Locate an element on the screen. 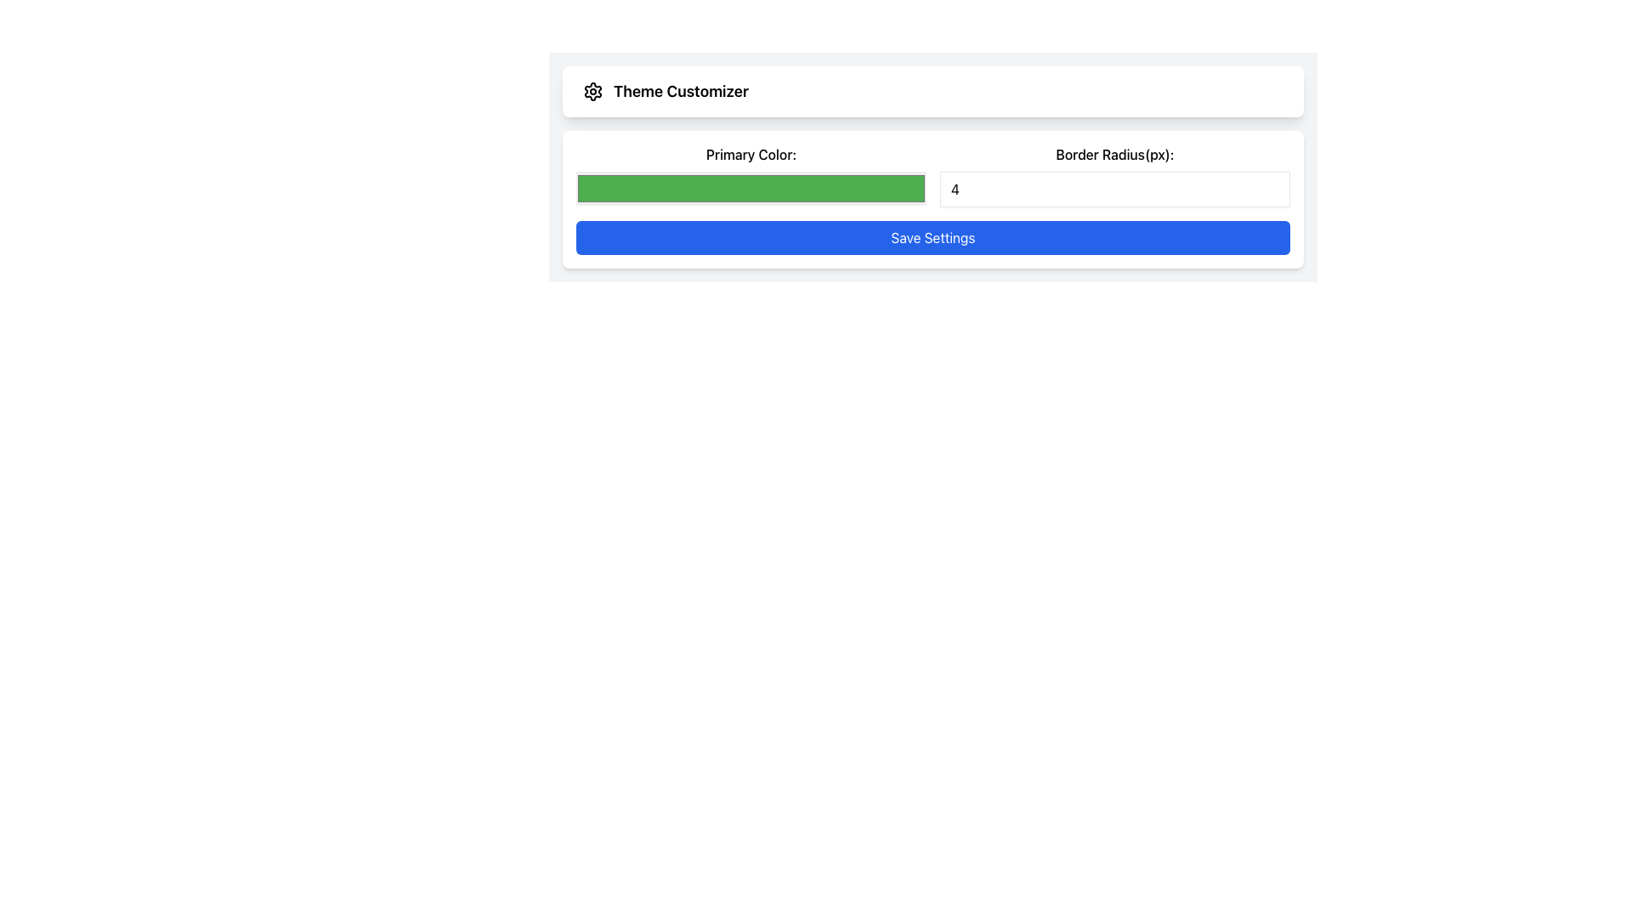 Image resolution: width=1632 pixels, height=918 pixels. the text label displaying 'Border Radius(px):' which is styled with a medium-weight font and is located above an input box is located at coordinates (1114, 154).